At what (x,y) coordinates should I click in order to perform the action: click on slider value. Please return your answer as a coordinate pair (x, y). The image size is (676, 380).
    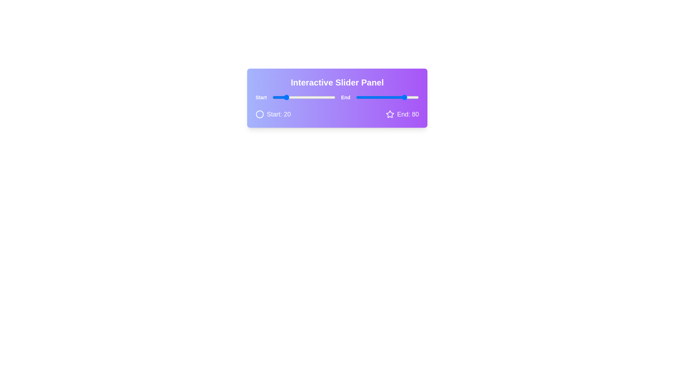
    Looking at the image, I should click on (306, 97).